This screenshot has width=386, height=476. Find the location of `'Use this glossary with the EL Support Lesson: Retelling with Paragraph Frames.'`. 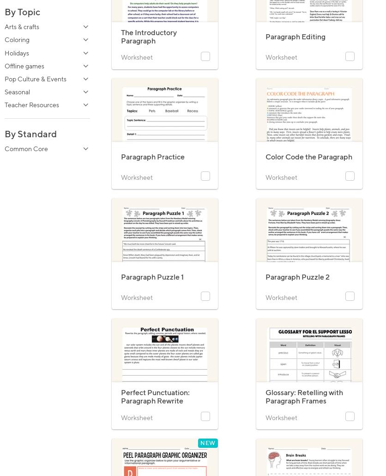

'Use this glossary with the EL Support Lesson: Retelling with Paragraph Frames.' is located at coordinates (308, 418).